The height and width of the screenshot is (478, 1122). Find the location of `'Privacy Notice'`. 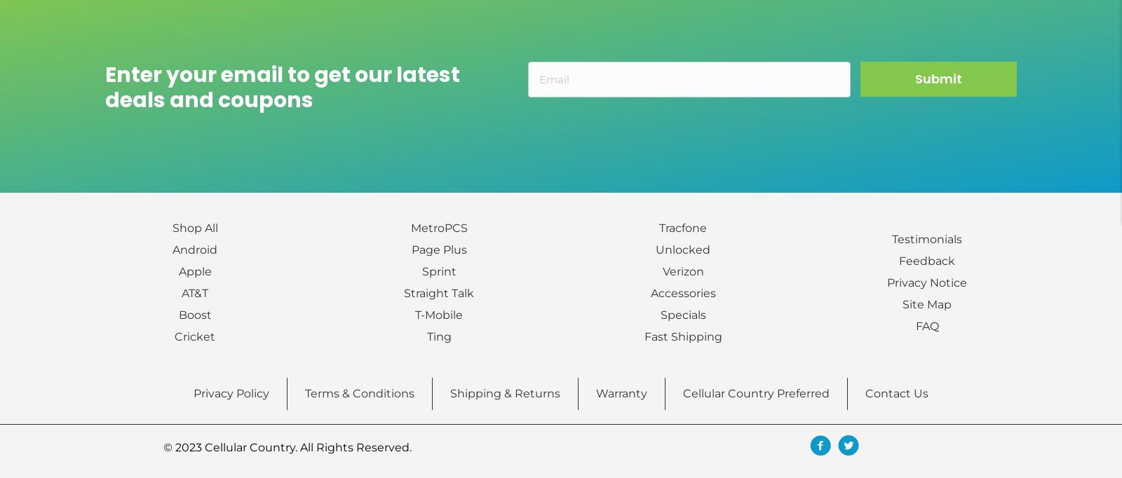

'Privacy Notice' is located at coordinates (926, 282).